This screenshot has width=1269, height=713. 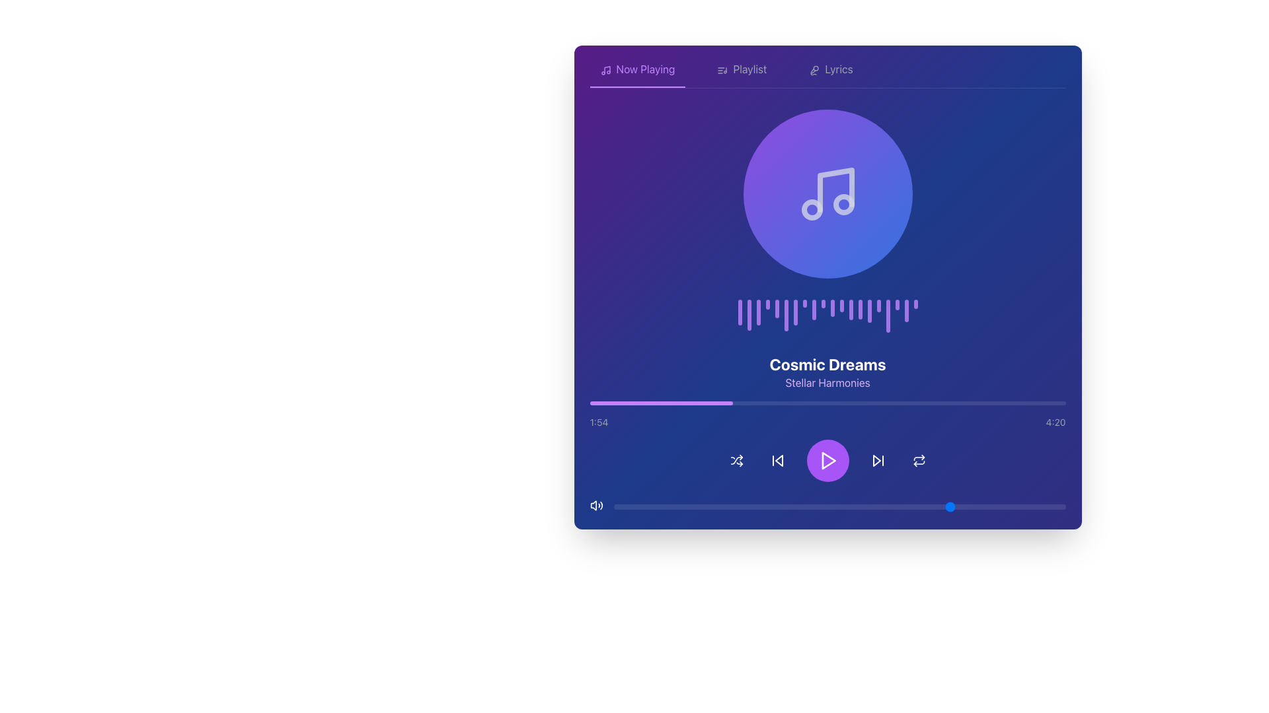 I want to click on the skip back button located in the media control bar, positioned between the shuffle icon and the play icon, to trigger the visual feedback effect, so click(x=777, y=460).